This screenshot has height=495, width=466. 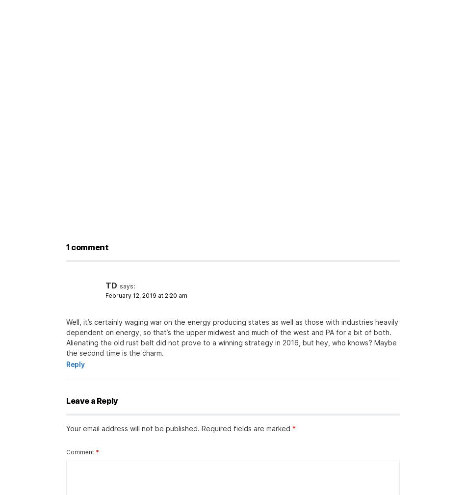 I want to click on '1 comment', so click(x=87, y=246).